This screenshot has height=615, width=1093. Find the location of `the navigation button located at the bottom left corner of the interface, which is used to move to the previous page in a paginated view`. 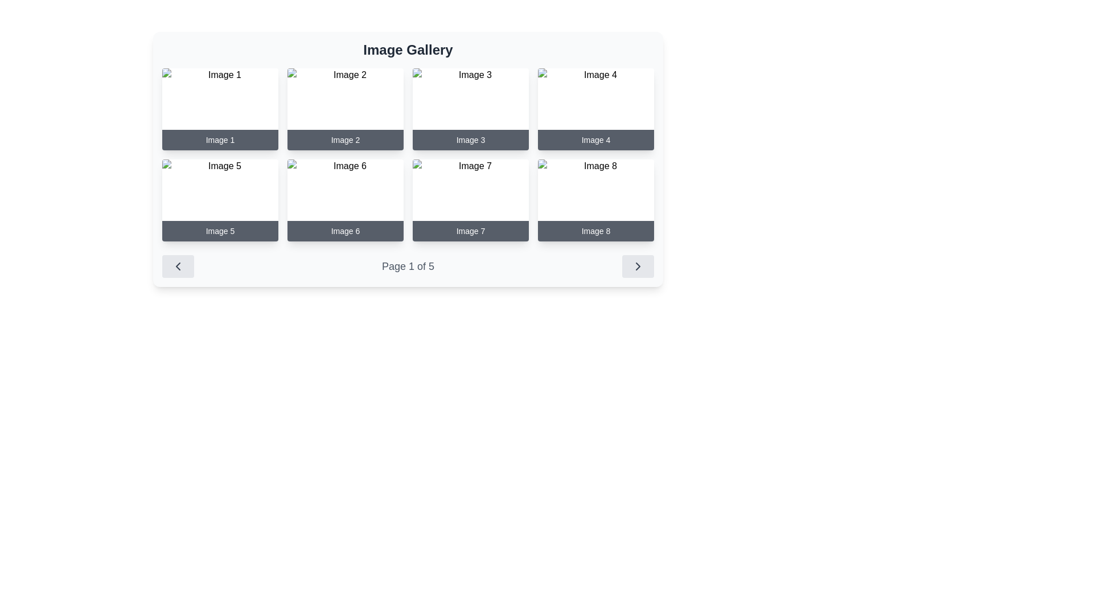

the navigation button located at the bottom left corner of the interface, which is used to move to the previous page in a paginated view is located at coordinates (177, 266).